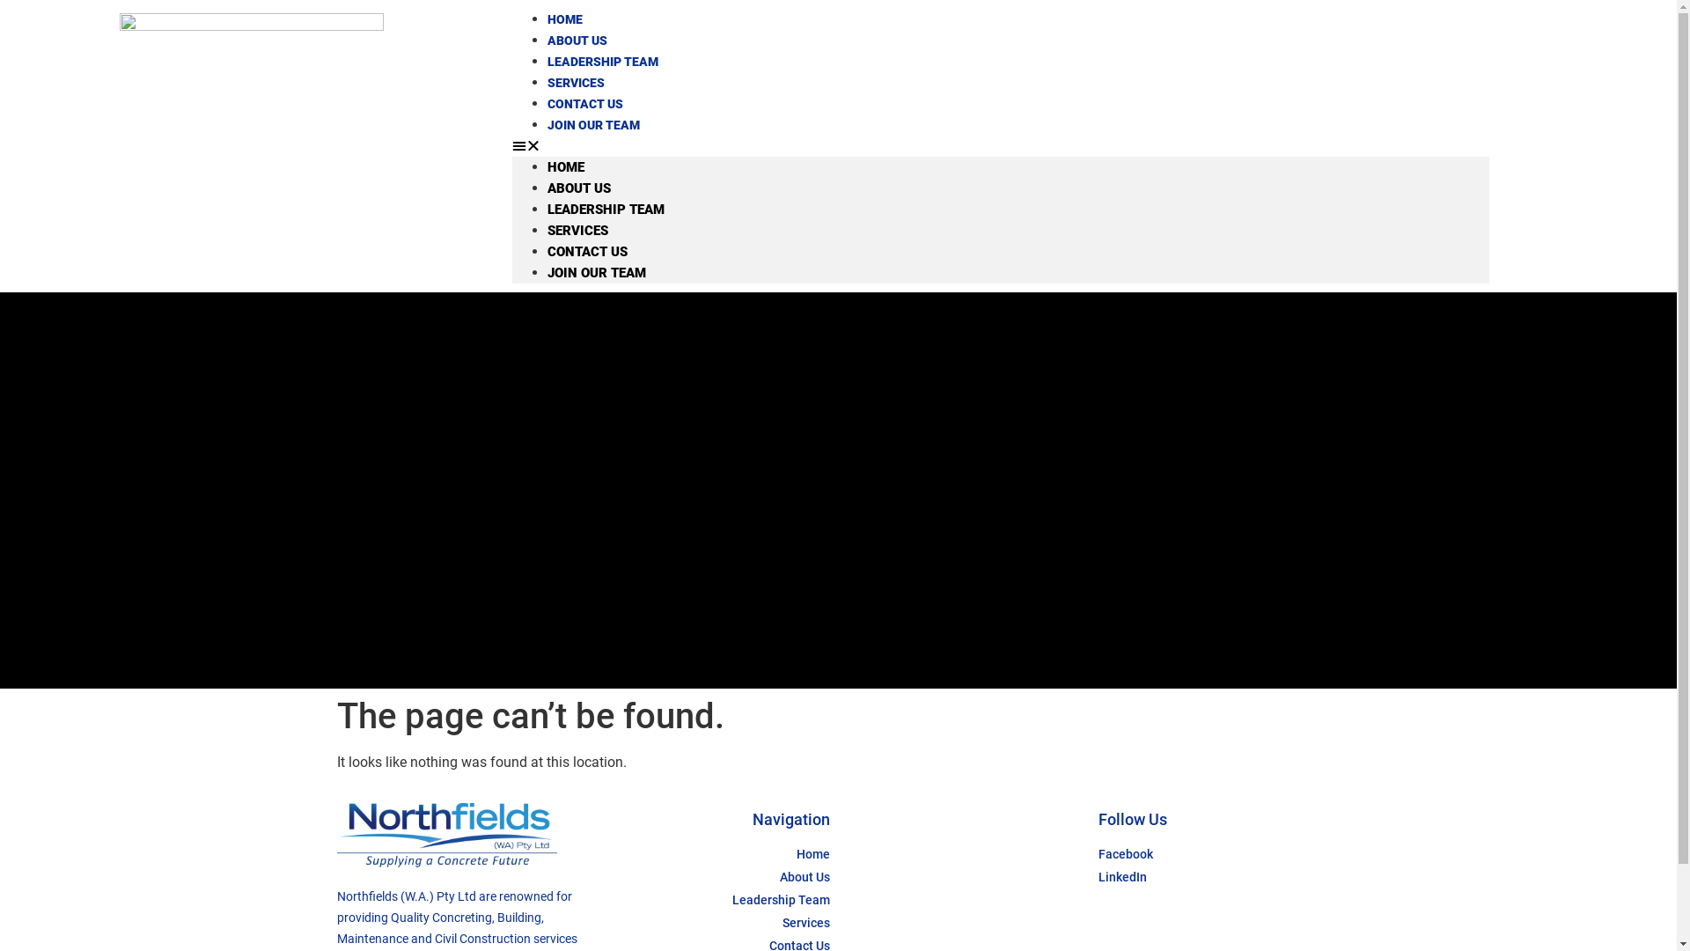 The image size is (1690, 951). Describe the element at coordinates (596, 877) in the screenshot. I see `'About Us'` at that location.